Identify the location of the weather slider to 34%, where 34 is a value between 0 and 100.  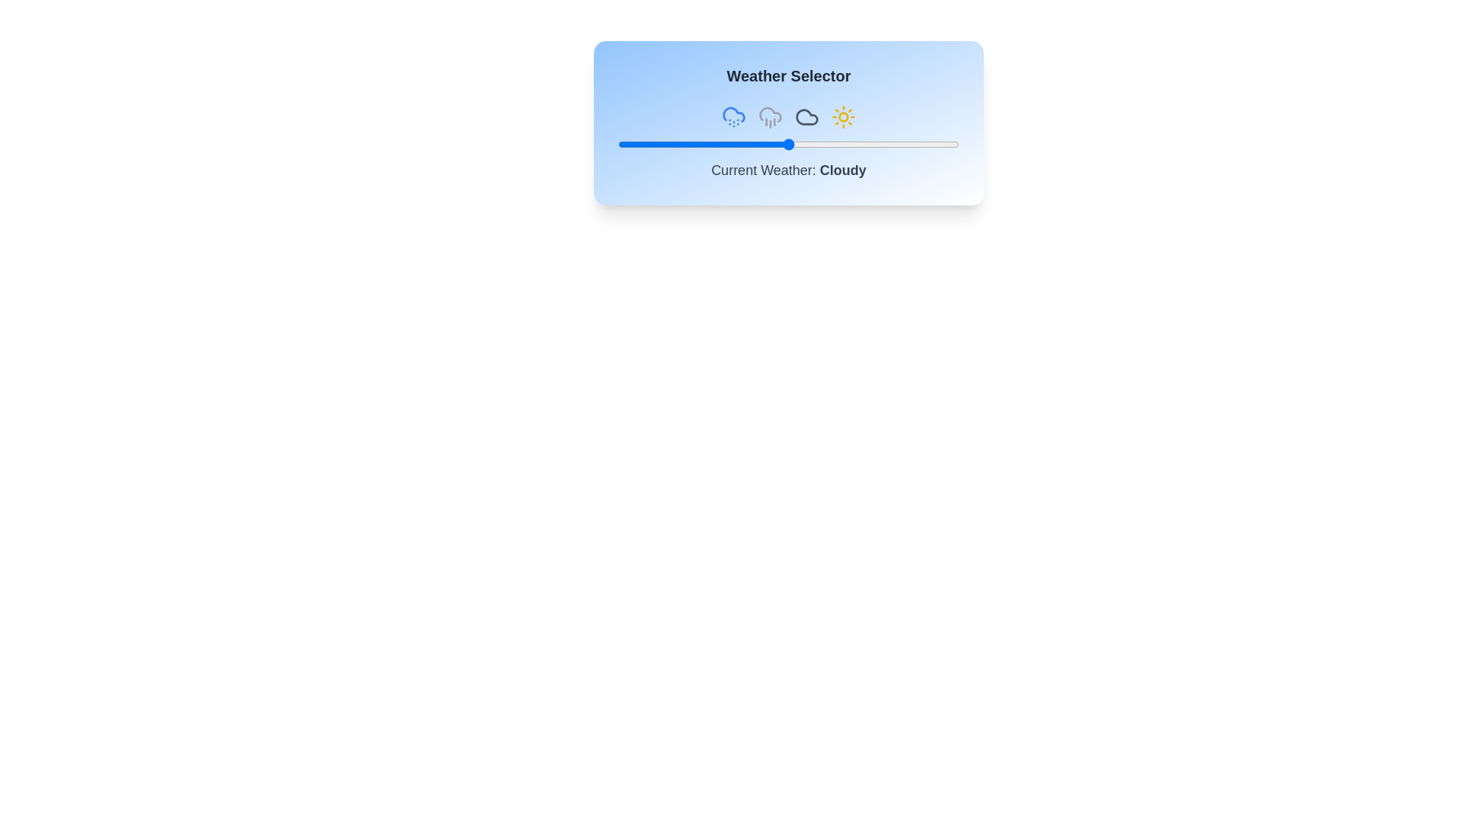
(734, 144).